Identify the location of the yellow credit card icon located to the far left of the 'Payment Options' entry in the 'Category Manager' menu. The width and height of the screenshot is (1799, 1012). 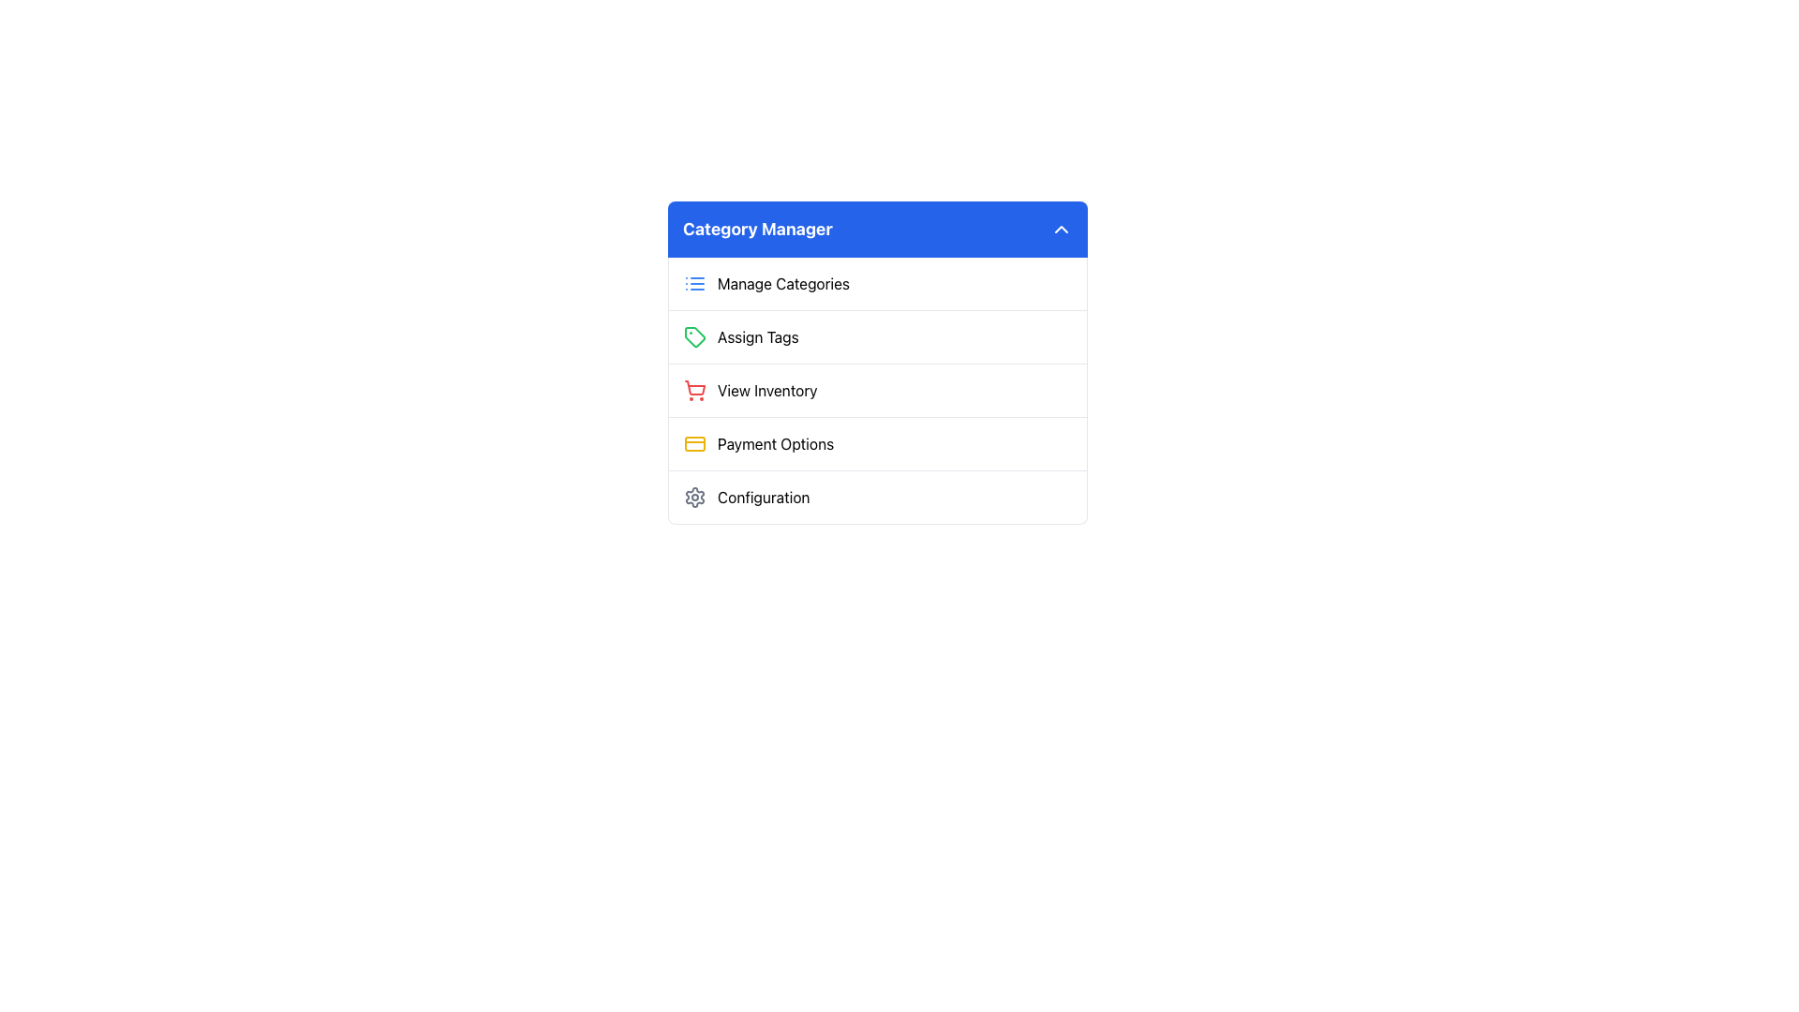
(694, 444).